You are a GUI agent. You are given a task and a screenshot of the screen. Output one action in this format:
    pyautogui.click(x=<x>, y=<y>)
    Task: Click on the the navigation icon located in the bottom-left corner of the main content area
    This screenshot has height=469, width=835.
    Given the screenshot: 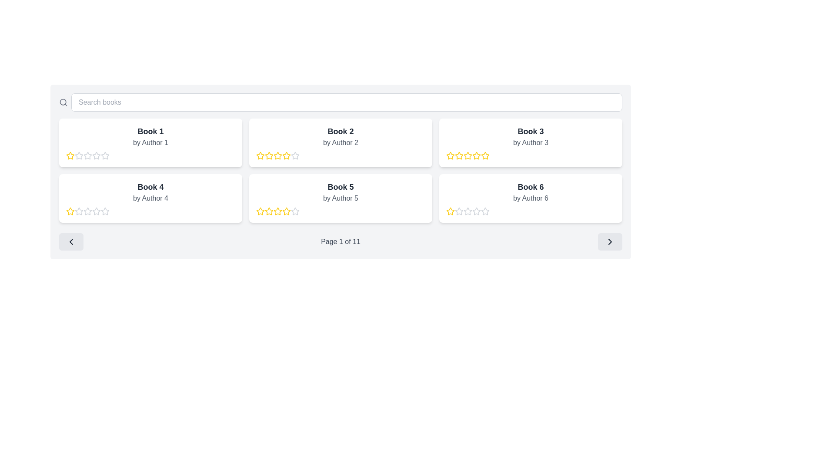 What is the action you would take?
    pyautogui.click(x=71, y=241)
    